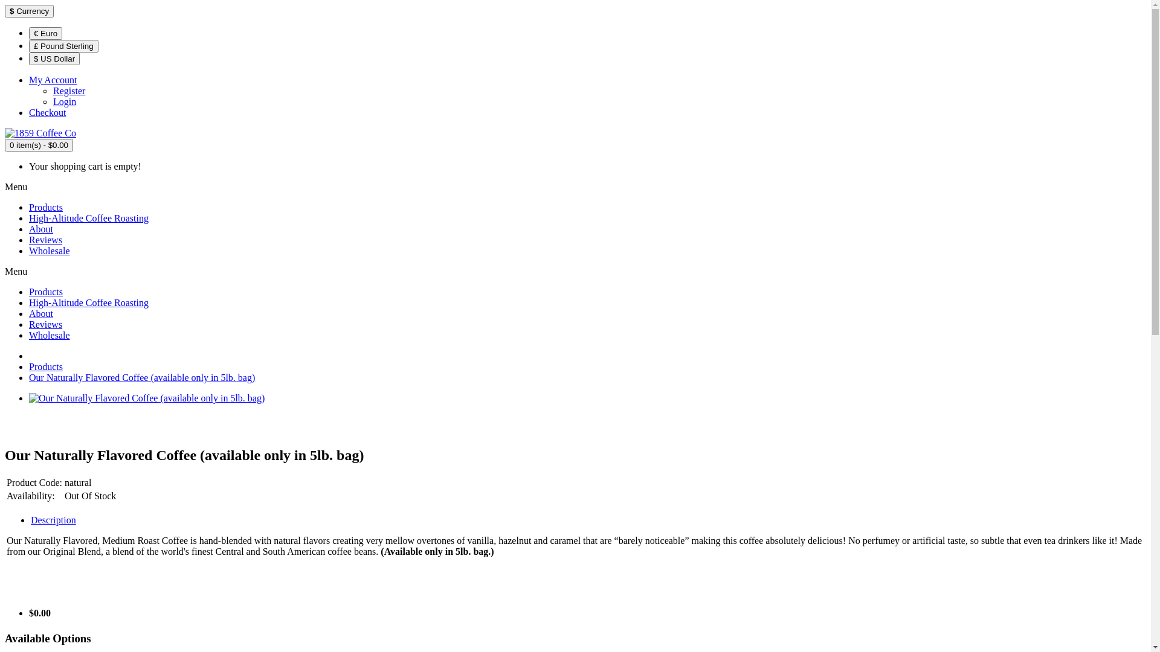 The width and height of the screenshot is (1160, 652). Describe the element at coordinates (39, 144) in the screenshot. I see `'0 item(s) - $0.00'` at that location.